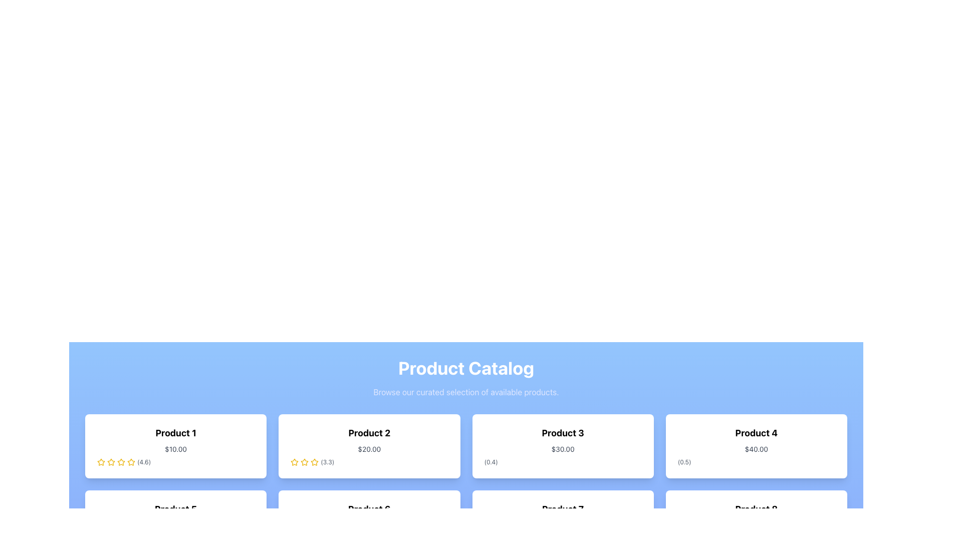 The width and height of the screenshot is (962, 541). What do you see at coordinates (131, 462) in the screenshot?
I see `the rating star icon, which is part of a group of five icons next to the rating number text (4.6) under the 'Product 1' card in the product catalog grid` at bounding box center [131, 462].